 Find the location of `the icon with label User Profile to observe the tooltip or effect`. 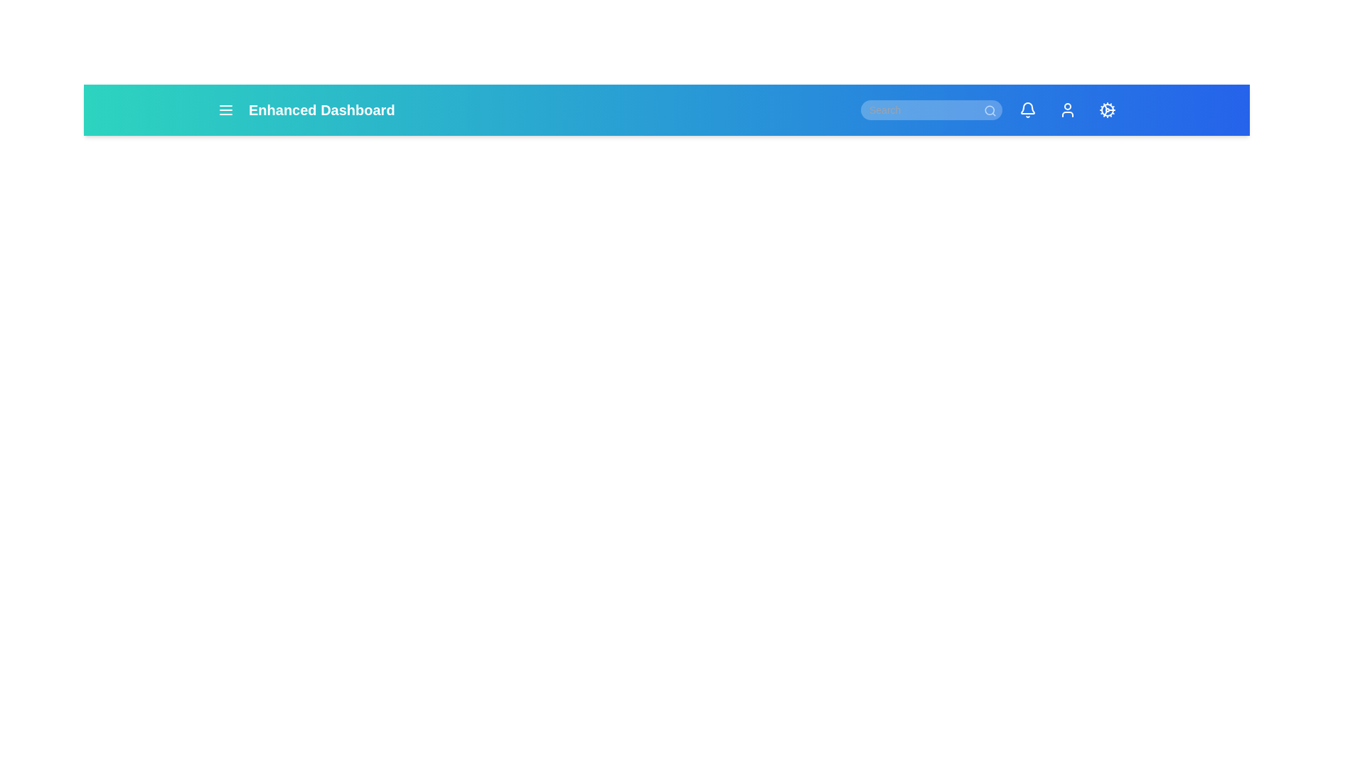

the icon with label User Profile to observe the tooltip or effect is located at coordinates (1068, 109).